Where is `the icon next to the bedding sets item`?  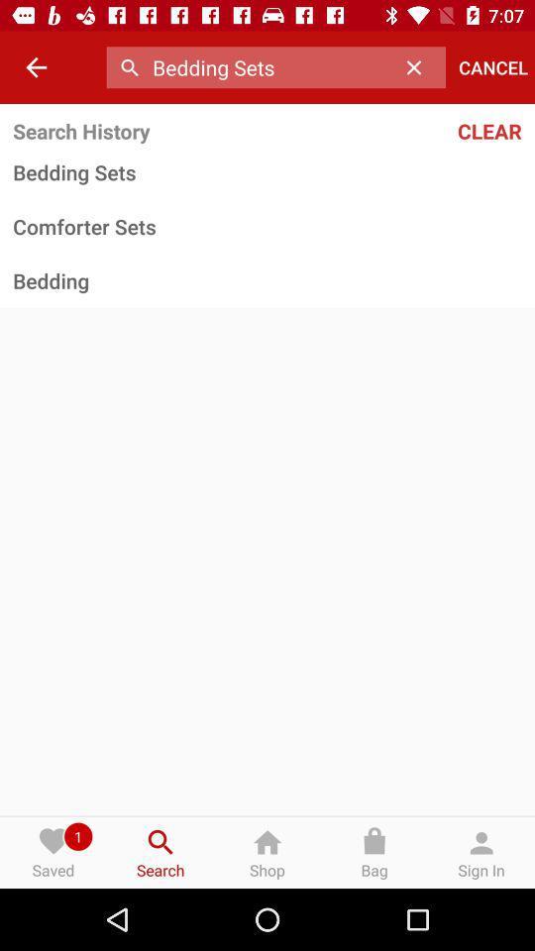
the icon next to the bedding sets item is located at coordinates (418, 67).